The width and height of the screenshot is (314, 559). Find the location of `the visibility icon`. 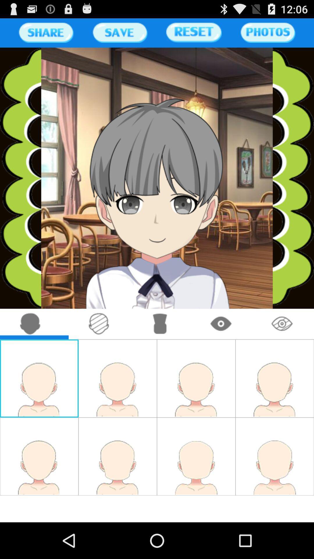

the visibility icon is located at coordinates (282, 347).